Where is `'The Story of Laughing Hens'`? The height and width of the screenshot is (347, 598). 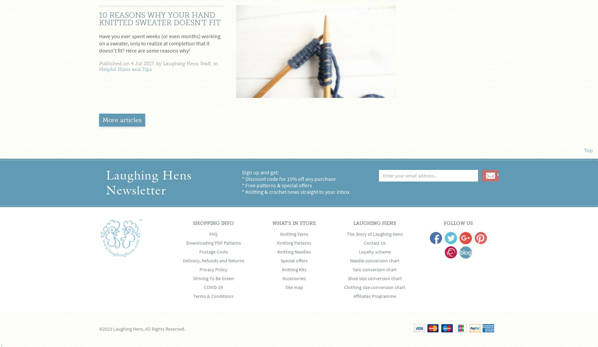
'The Story of Laughing Hens' is located at coordinates (346, 233).